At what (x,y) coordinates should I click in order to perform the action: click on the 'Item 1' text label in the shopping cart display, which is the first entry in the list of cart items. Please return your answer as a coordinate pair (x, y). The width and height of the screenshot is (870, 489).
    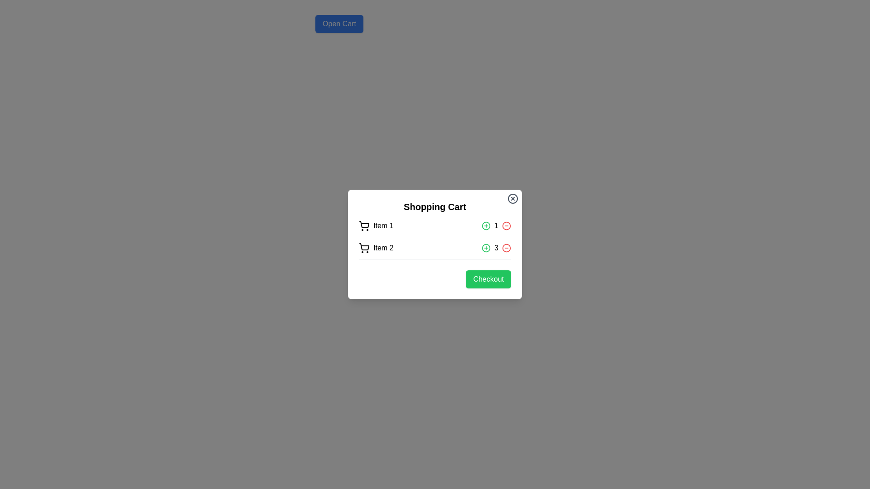
    Looking at the image, I should click on (376, 225).